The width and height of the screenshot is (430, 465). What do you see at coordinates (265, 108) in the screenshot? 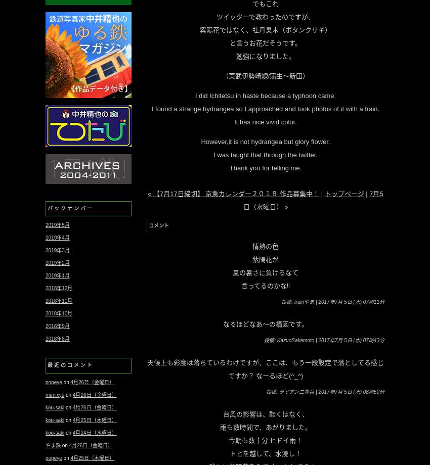
I see `'I found a strange hydrangea so I approached and took photos of it with a train.'` at bounding box center [265, 108].